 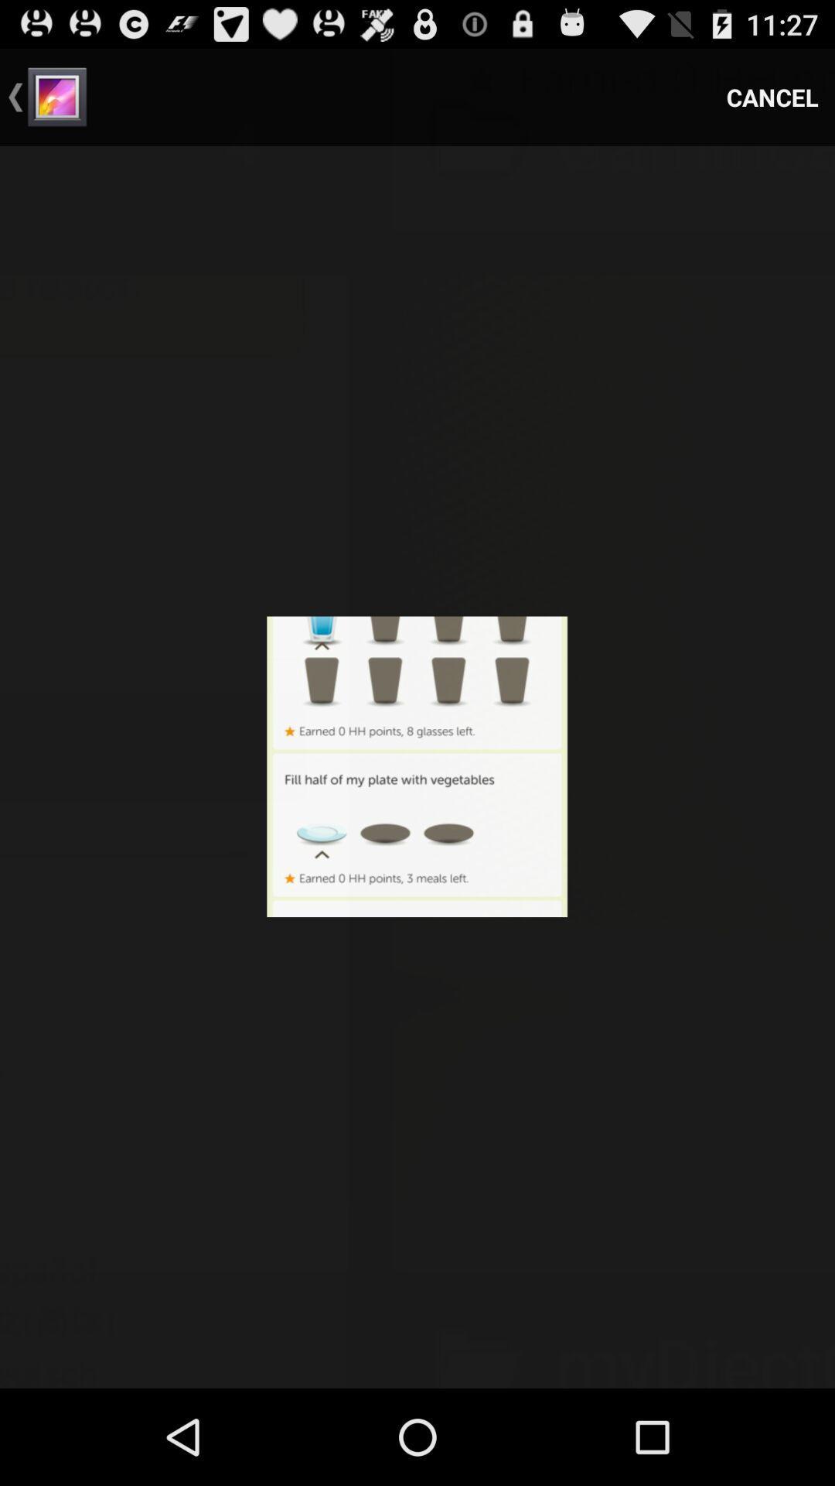 What do you see at coordinates (772, 96) in the screenshot?
I see `icon at the top right corner` at bounding box center [772, 96].